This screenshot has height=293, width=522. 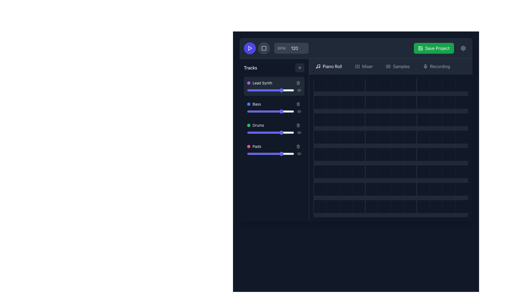 I want to click on the square block with a dark gray background located in the bottom-right corner of the grid layout, so click(x=461, y=119).